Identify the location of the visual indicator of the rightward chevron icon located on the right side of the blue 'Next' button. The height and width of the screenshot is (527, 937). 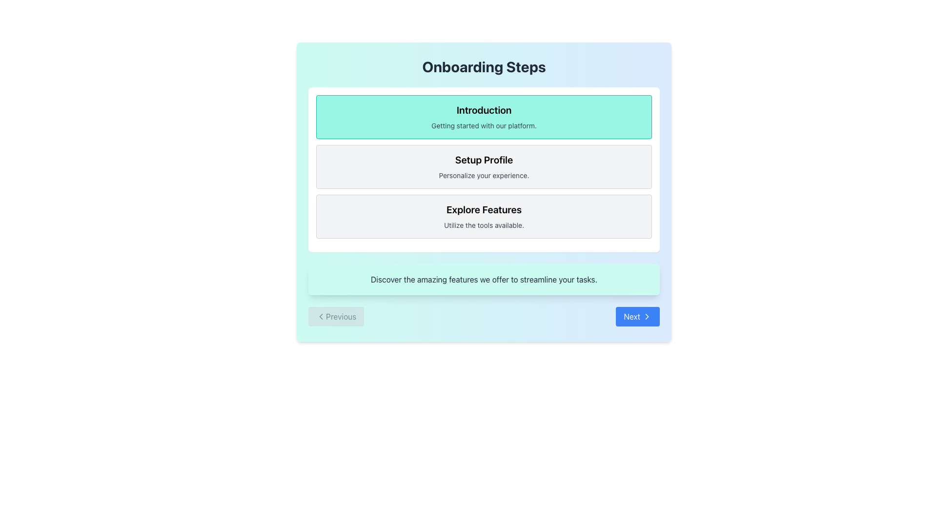
(647, 316).